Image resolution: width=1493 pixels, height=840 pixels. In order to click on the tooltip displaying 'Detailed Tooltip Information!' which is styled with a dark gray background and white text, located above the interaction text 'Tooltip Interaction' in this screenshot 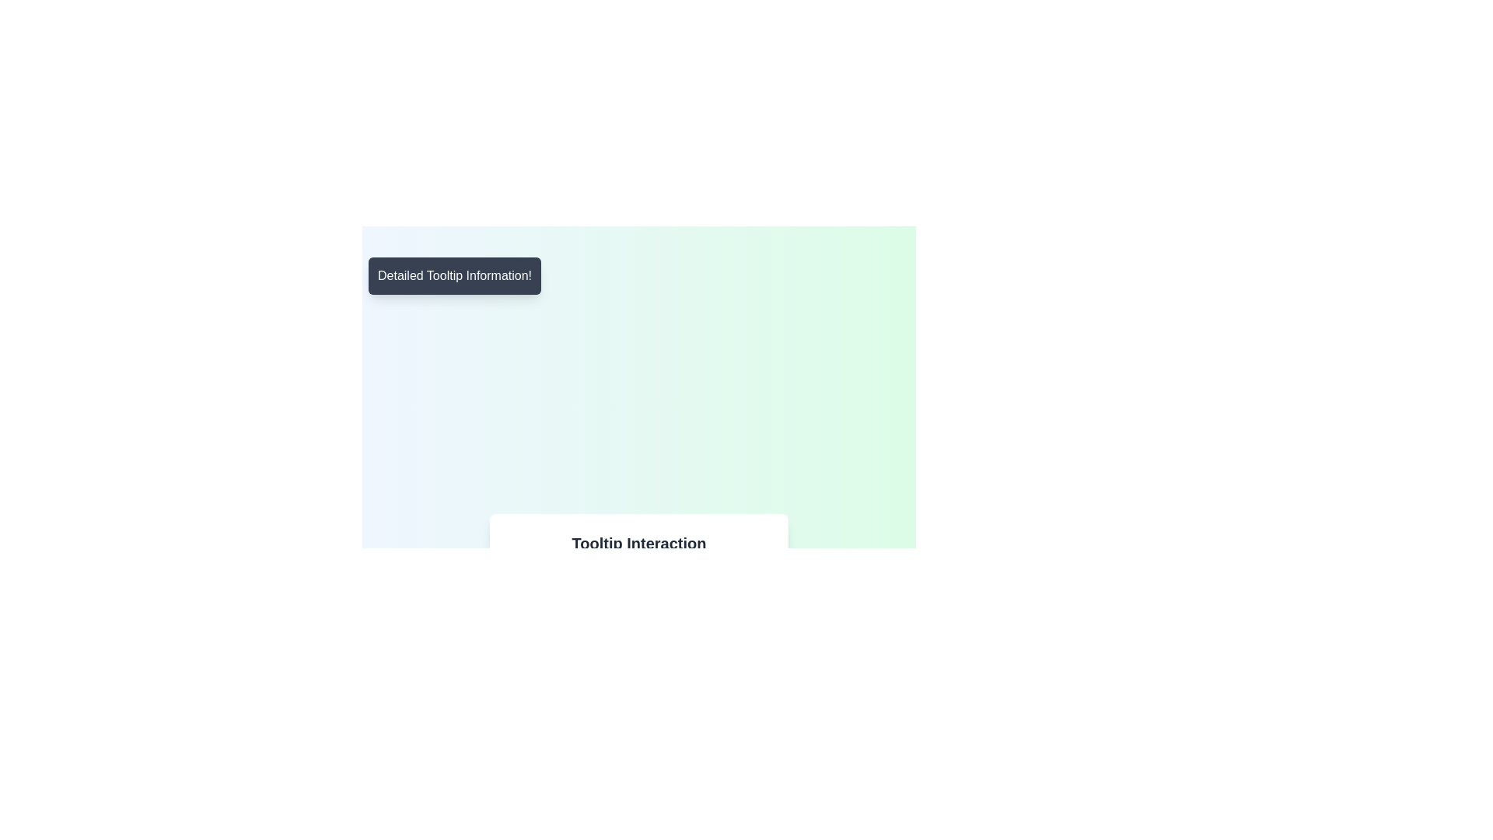, I will do `click(454, 275)`.